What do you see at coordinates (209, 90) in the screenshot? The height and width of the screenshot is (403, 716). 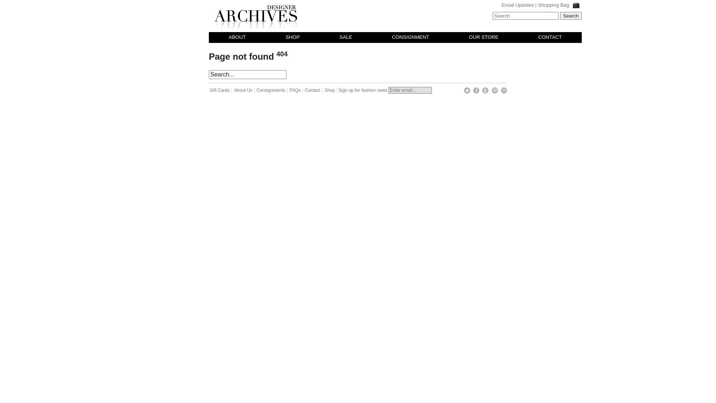 I see `'Gift Cards'` at bounding box center [209, 90].